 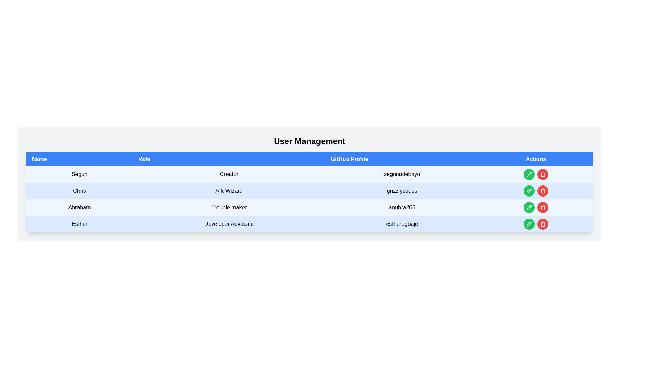 What do you see at coordinates (528, 174) in the screenshot?
I see `the pencil icon in the 'Actions' column of the second row (Chris) in the 'User Management' table to initiate an edit action for the associated entry` at bounding box center [528, 174].